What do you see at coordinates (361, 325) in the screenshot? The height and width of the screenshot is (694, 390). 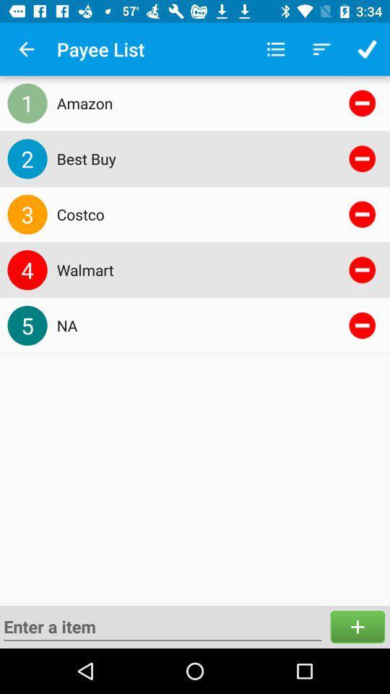 I see `delete` at bounding box center [361, 325].